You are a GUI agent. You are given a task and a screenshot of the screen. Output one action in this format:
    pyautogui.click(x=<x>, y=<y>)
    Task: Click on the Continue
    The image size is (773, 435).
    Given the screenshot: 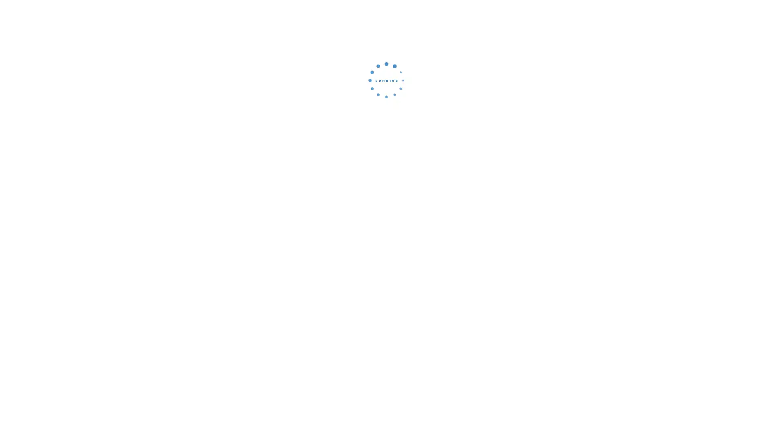 What is the action you would take?
    pyautogui.click(x=386, y=135)
    